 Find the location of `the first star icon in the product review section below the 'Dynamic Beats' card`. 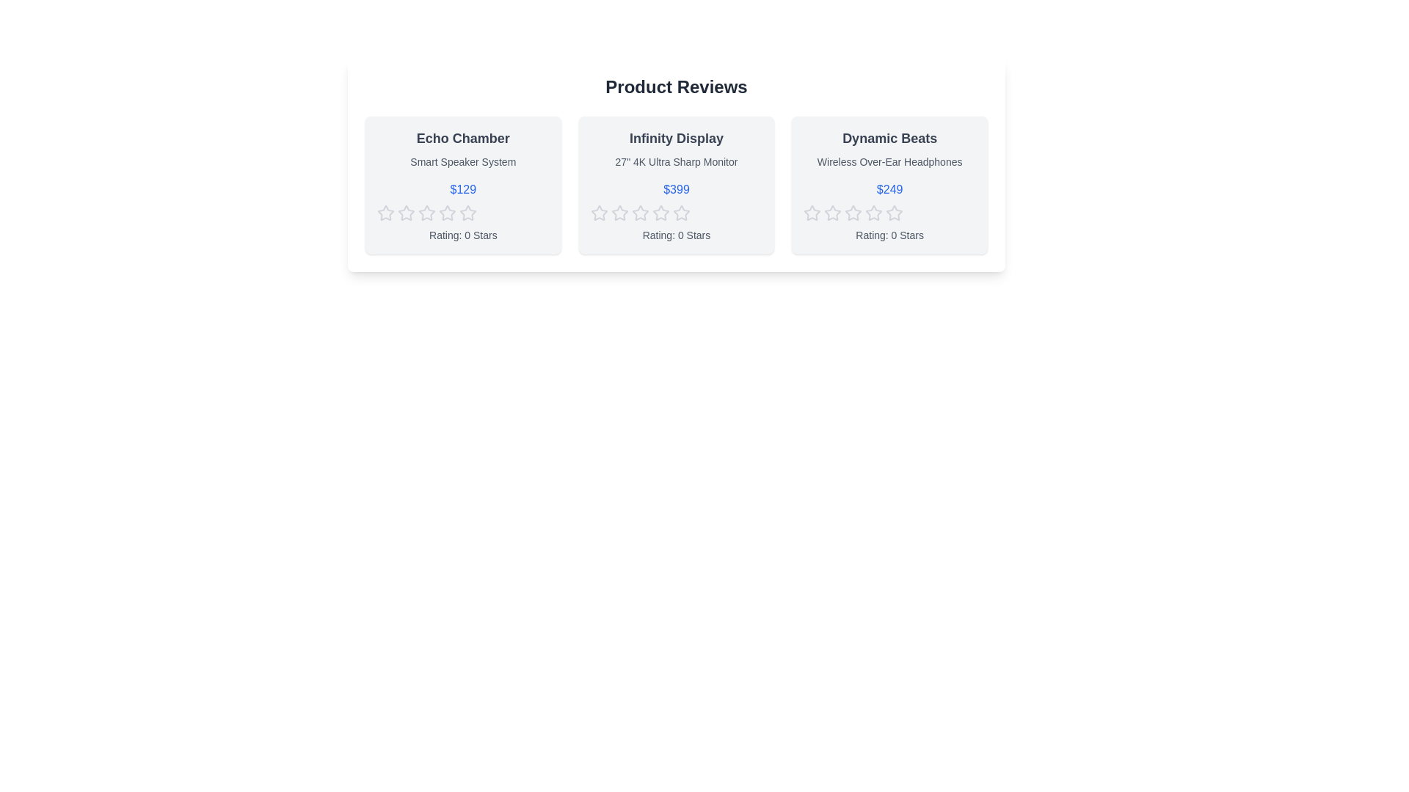

the first star icon in the product review section below the 'Dynamic Beats' card is located at coordinates (812, 213).